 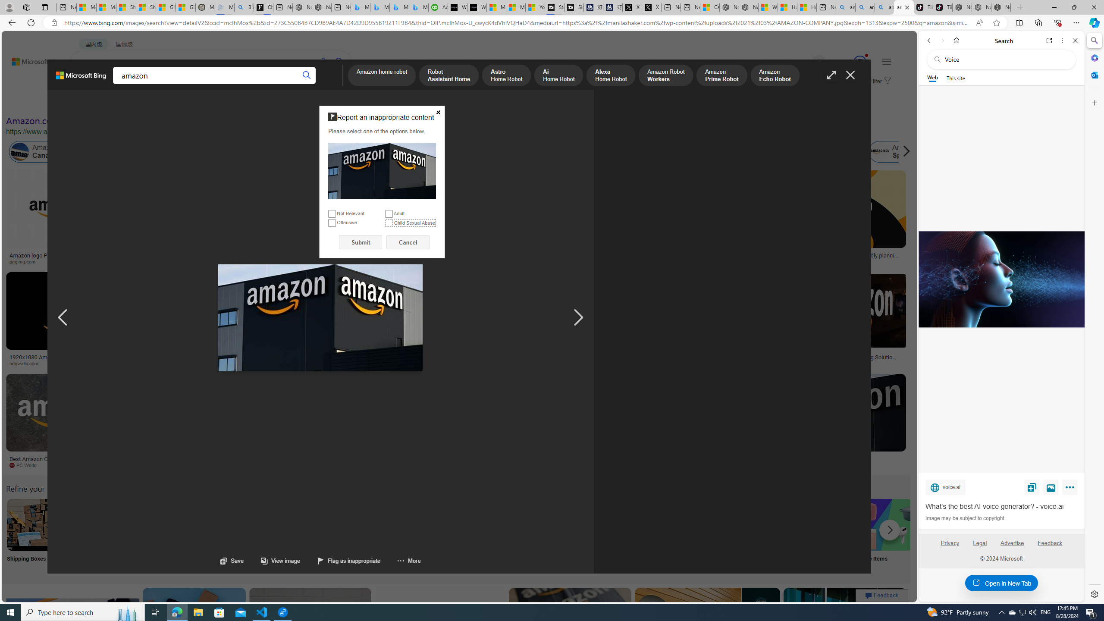 What do you see at coordinates (205, 7) in the screenshot?
I see `'Manatee Mortality Statistics | FWC'` at bounding box center [205, 7].